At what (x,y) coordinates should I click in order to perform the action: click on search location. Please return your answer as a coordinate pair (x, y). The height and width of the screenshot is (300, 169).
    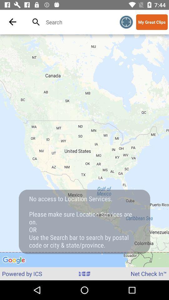
    Looking at the image, I should click on (78, 22).